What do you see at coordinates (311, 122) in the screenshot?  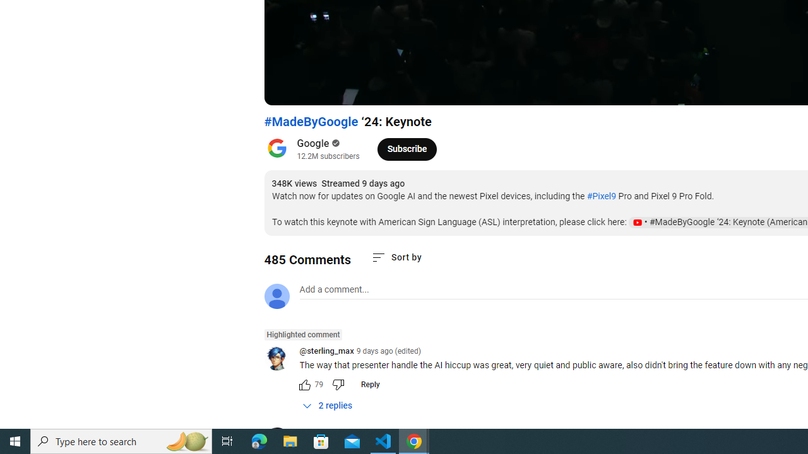 I see `'#MadeByGoogle'` at bounding box center [311, 122].